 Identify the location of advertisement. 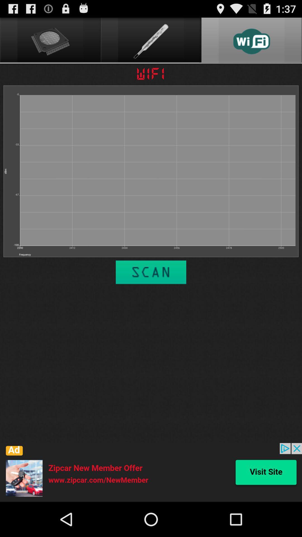
(151, 472).